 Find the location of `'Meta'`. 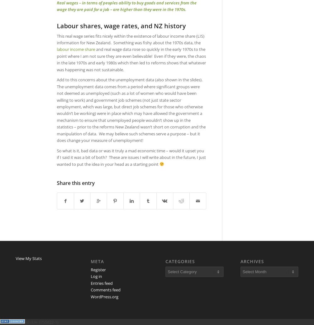

'Meta' is located at coordinates (97, 261).